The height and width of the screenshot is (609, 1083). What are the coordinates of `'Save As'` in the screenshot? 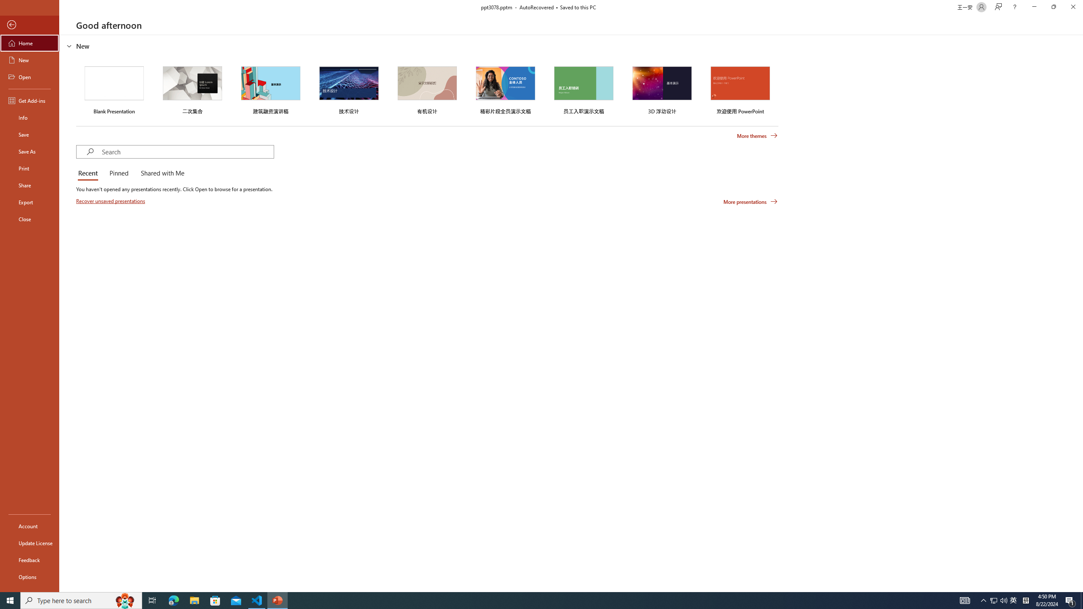 It's located at (29, 151).